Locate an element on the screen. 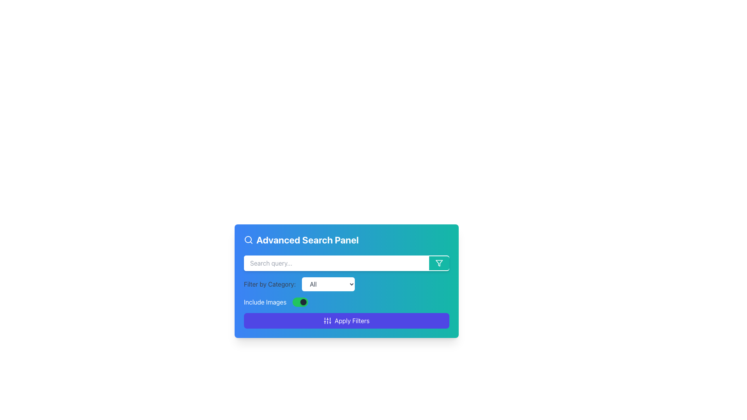 The height and width of the screenshot is (420, 747). the dropdown menu styled with a white background and rounded corners, currently displaying 'All' is located at coordinates (328, 284).